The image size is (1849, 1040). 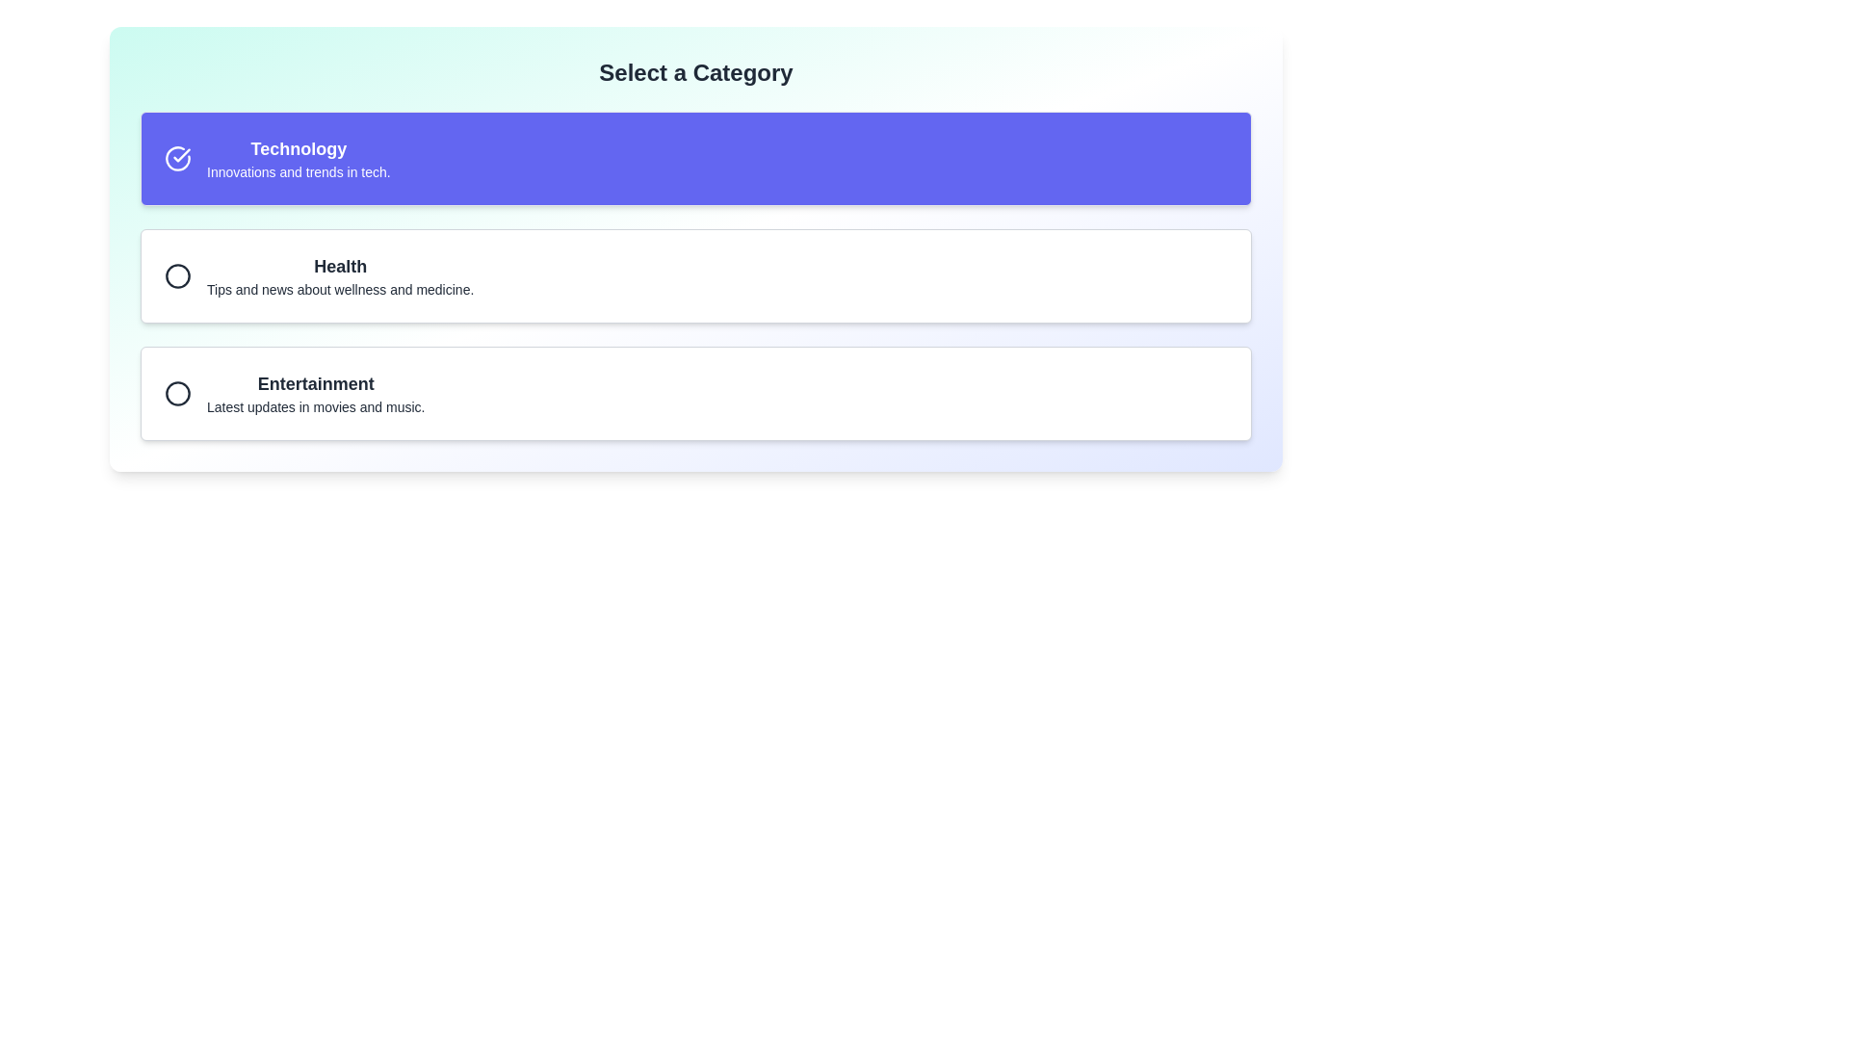 I want to click on the stylized circular icon that is hollow with a distinct border, located to the left of the 'Health' text title, which is the second item in the list of categories, so click(x=178, y=275).